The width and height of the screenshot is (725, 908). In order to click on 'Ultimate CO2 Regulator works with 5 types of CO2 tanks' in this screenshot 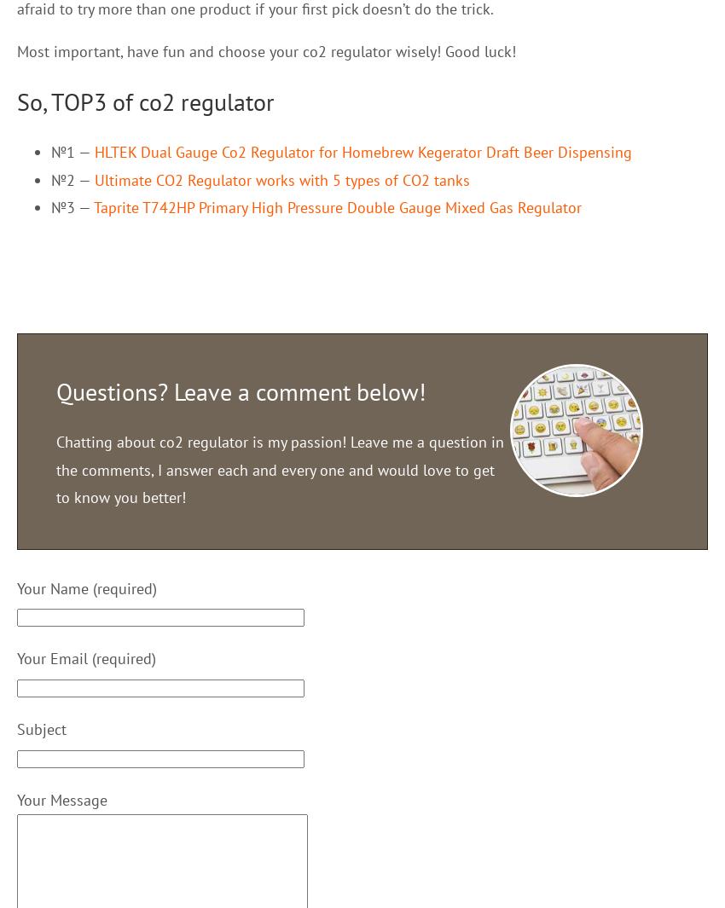, I will do `click(281, 178)`.